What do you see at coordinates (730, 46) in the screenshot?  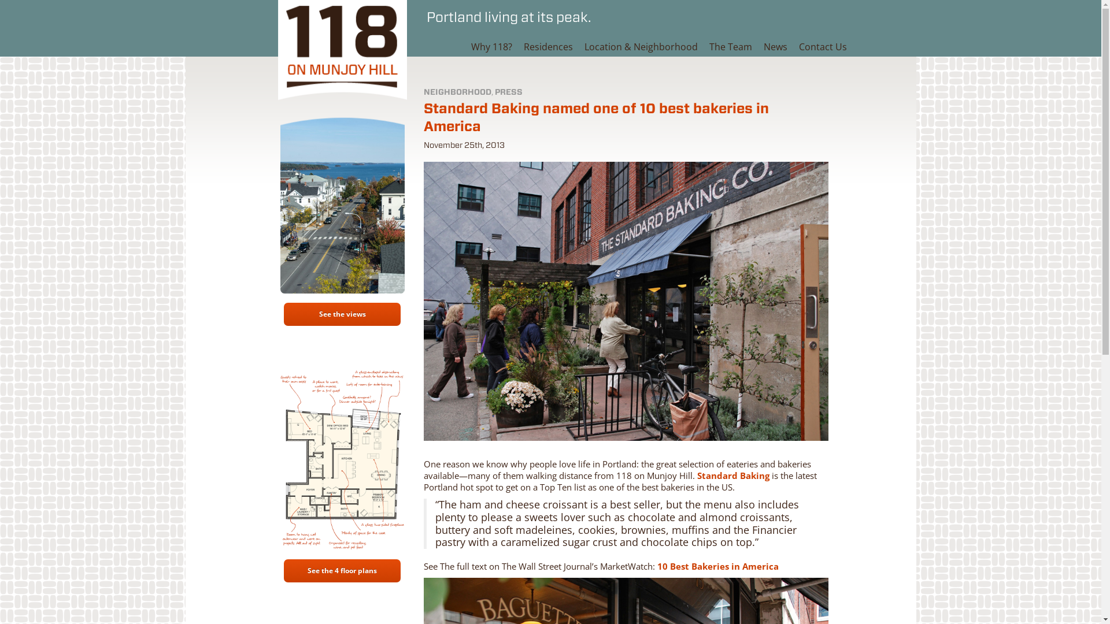 I see `'The Team'` at bounding box center [730, 46].